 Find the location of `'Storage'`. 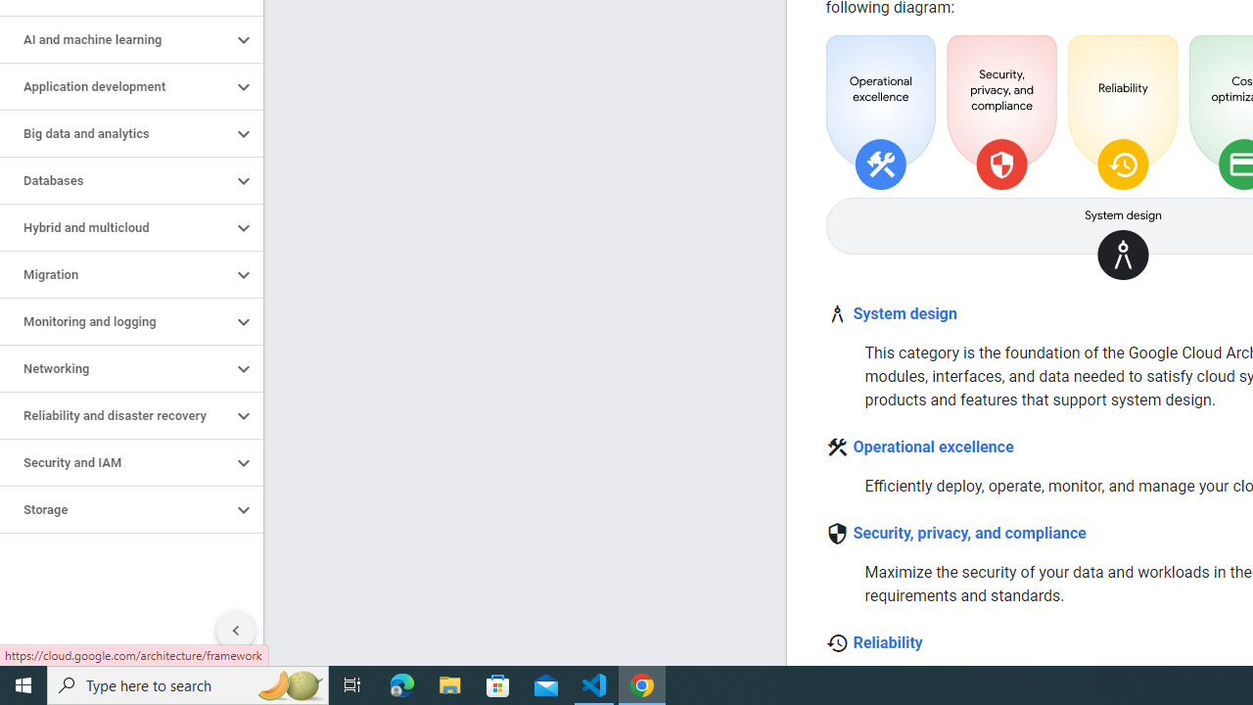

'Storage' is located at coordinates (115, 508).